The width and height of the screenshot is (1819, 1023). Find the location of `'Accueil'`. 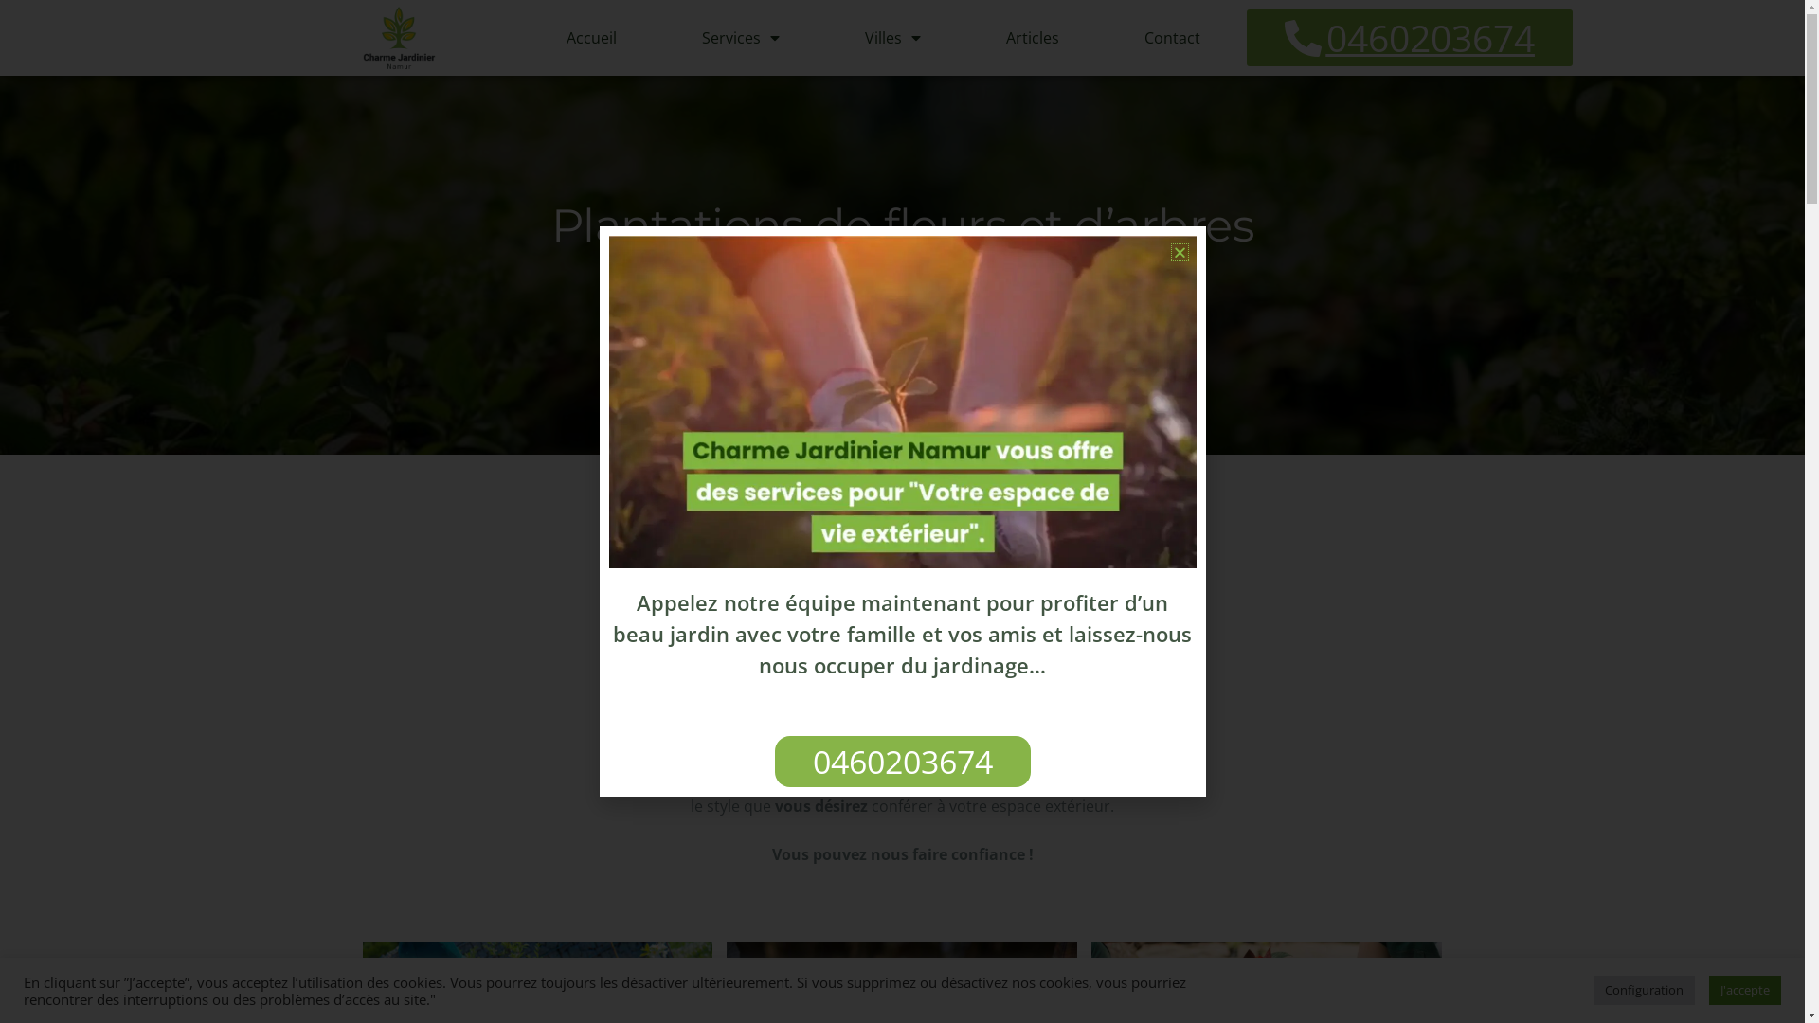

'Accueil' is located at coordinates (590, 37).